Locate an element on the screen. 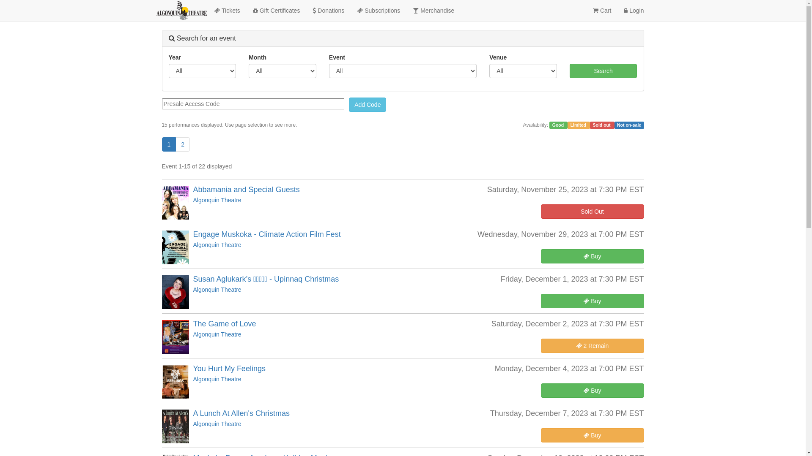  'Engage Muskoka - Climate Action Film Fest' is located at coordinates (266, 234).